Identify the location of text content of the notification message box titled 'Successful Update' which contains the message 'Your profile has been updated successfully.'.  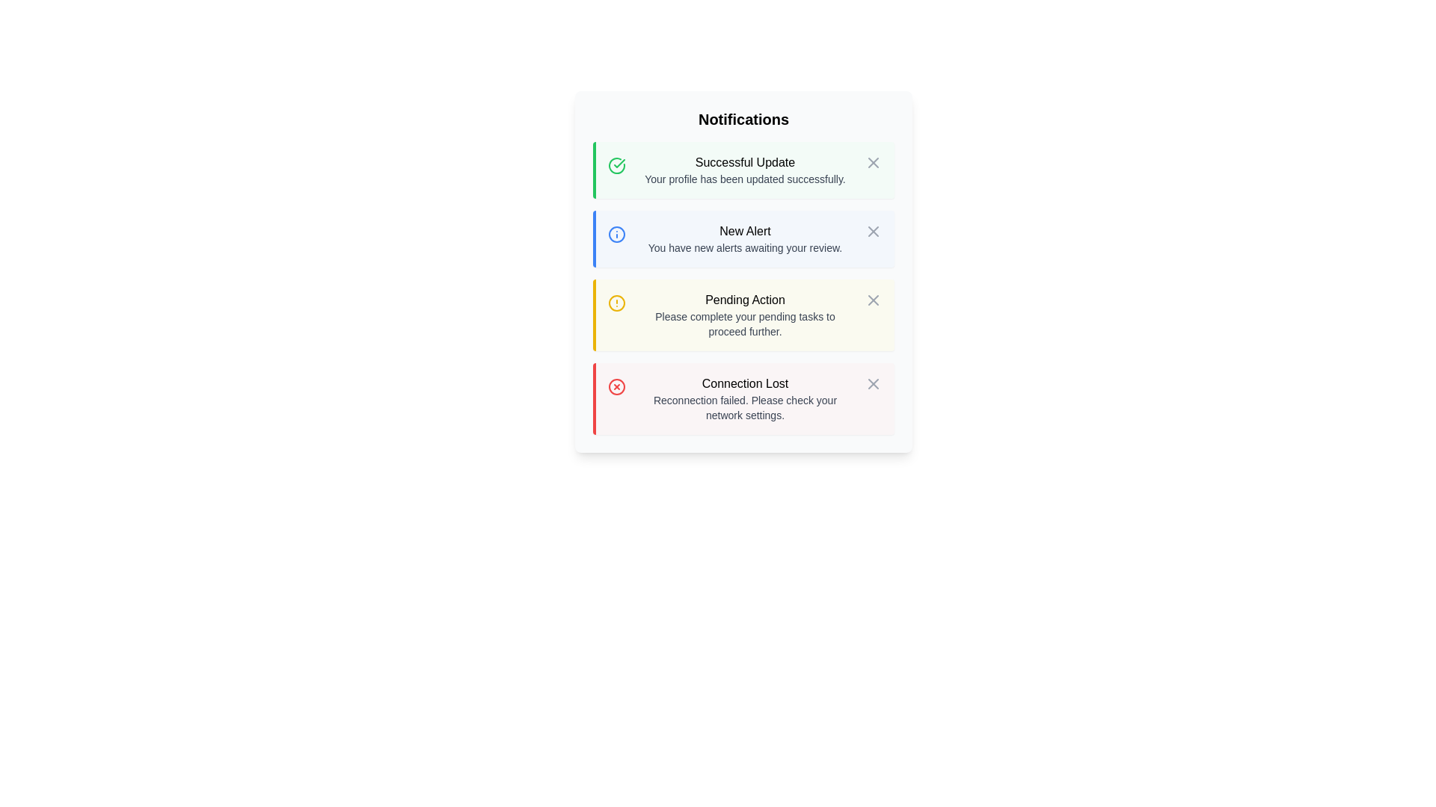
(745, 169).